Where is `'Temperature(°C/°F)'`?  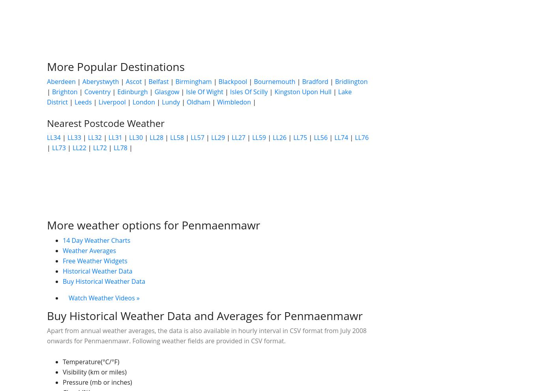
'Temperature(°C/°F)' is located at coordinates (91, 361).